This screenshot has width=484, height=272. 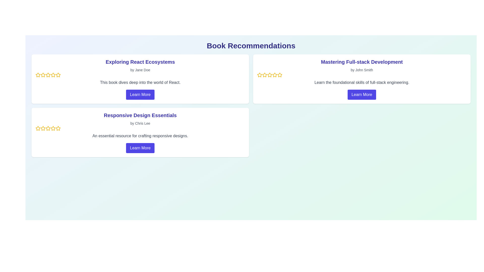 I want to click on text element that displays 'Learn the foundational skills of full-stack engineering.' located in the description area of the 'Mastering Full-stack Development' card, positioned below the author's name and above the 'Learn More' button, so click(x=361, y=82).